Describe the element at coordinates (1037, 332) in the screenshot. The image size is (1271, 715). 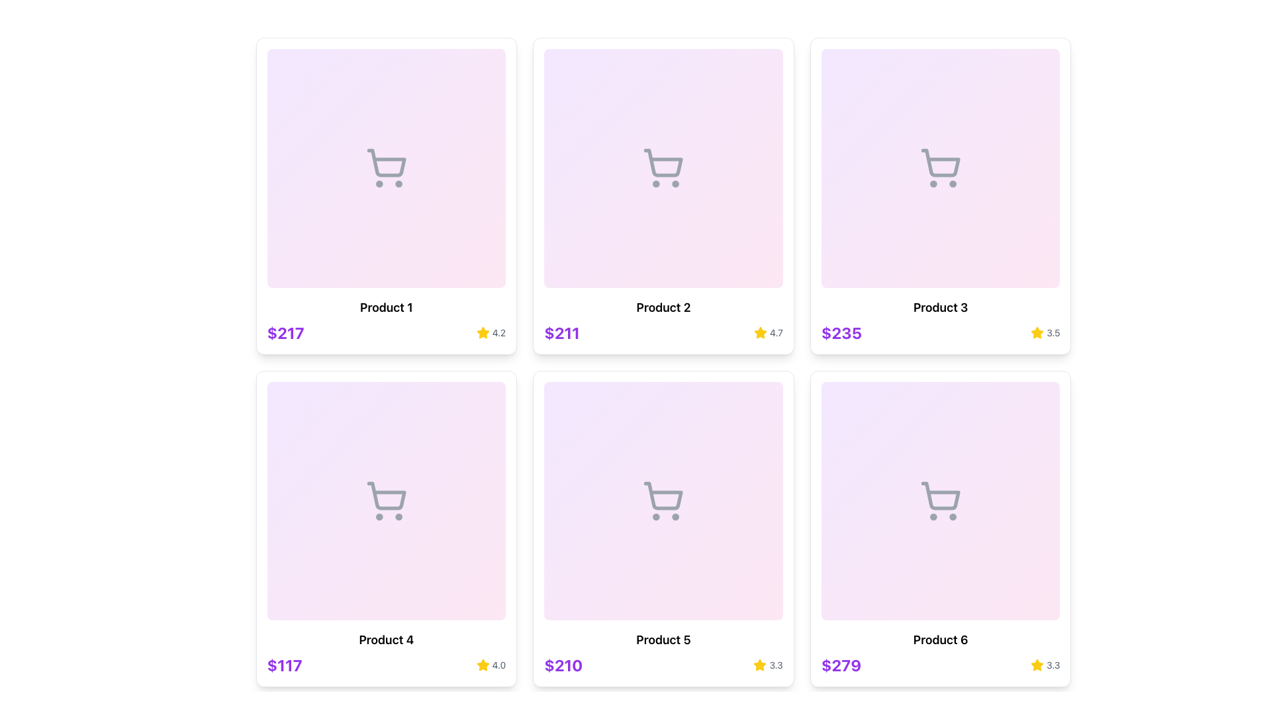
I see `the star icon representing the rating for 'Product 3', which is located in the bottom-right corner of the product card and adjacent to the rating text '3.5'` at that location.